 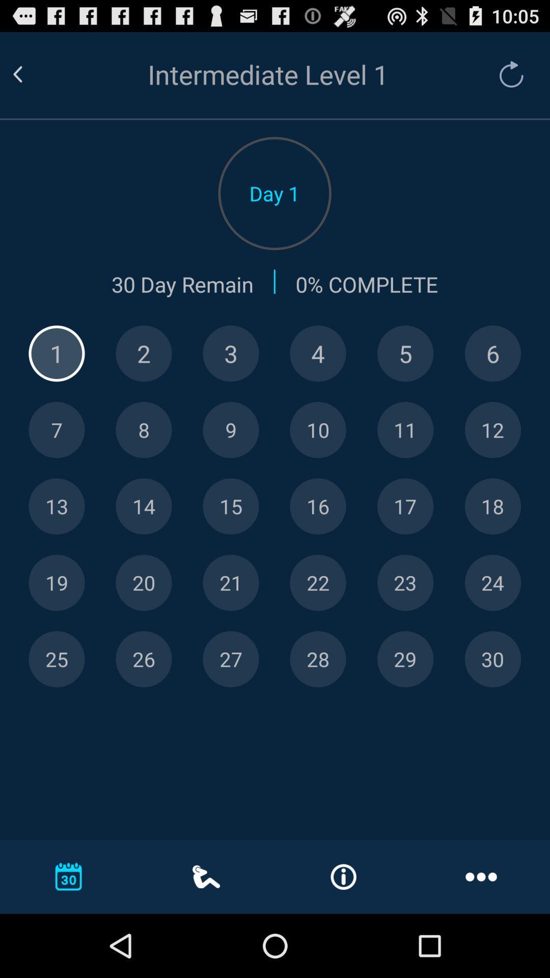 I want to click on the arrow_backward icon, so click(x=30, y=79).